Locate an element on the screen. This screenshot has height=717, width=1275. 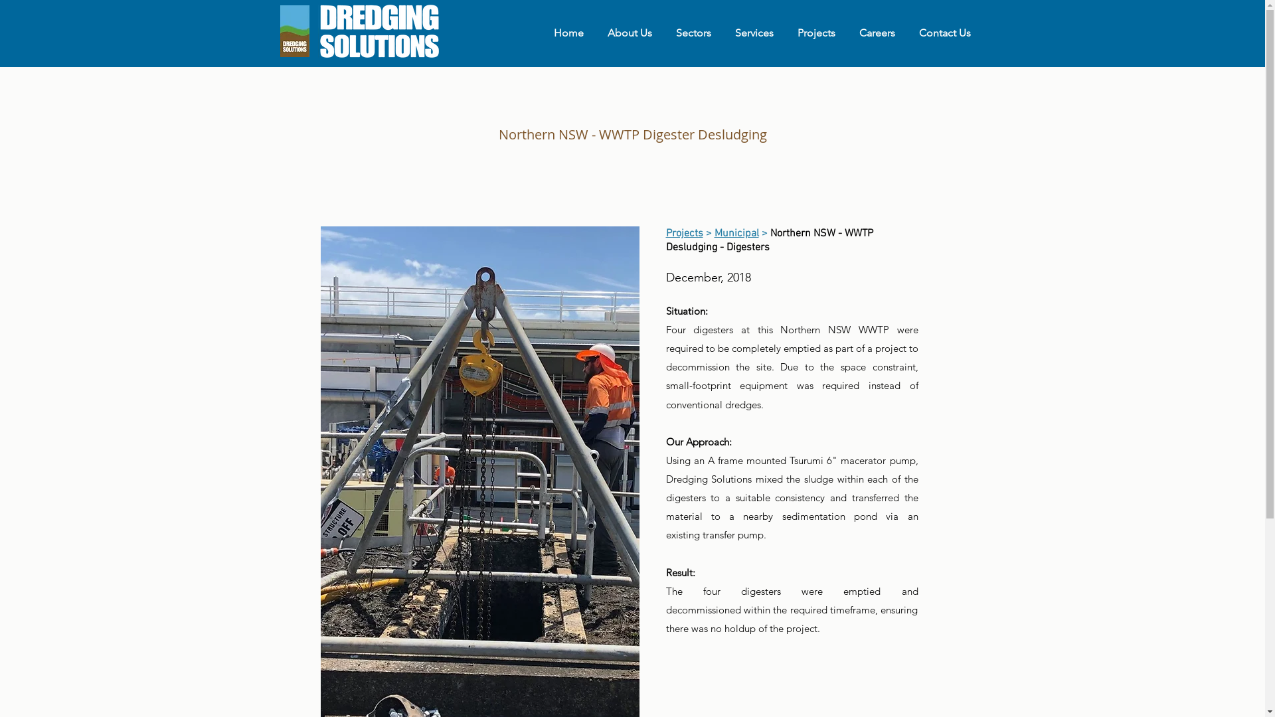
'Projects' is located at coordinates (820, 33).